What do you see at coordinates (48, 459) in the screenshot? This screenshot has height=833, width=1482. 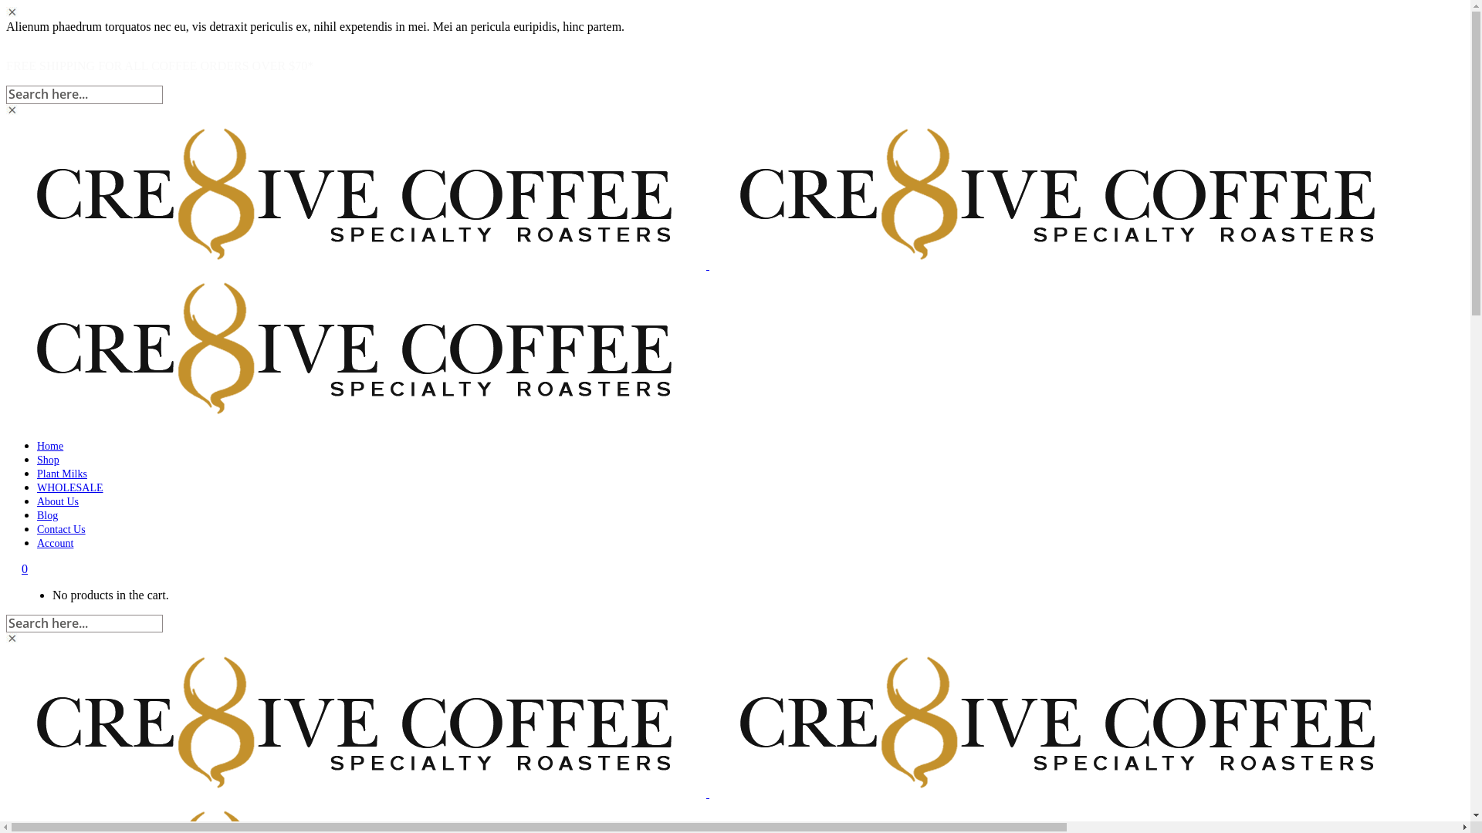 I see `'Shop'` at bounding box center [48, 459].